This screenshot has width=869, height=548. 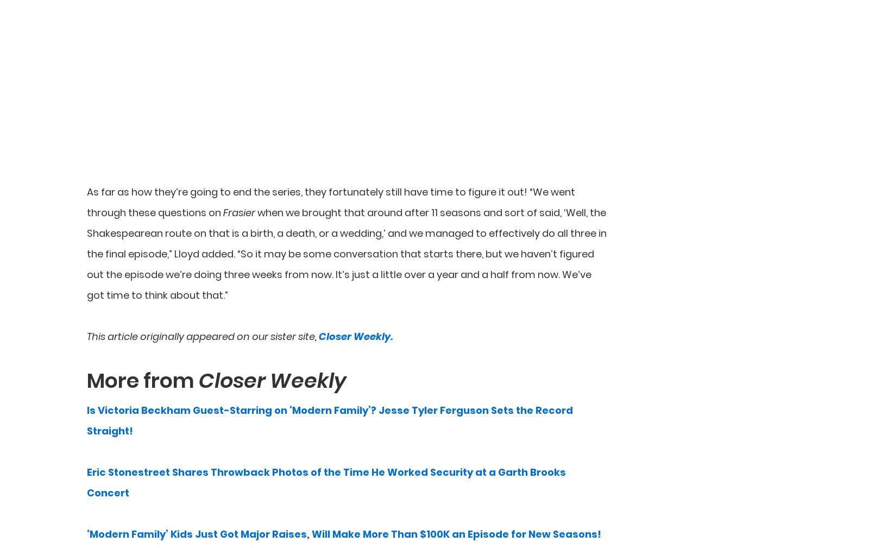 I want to click on '‘Modern Family’ Kids Just Got Major Raises, Will Make More Than $100K an Episode for New Seasons!', so click(x=86, y=534).